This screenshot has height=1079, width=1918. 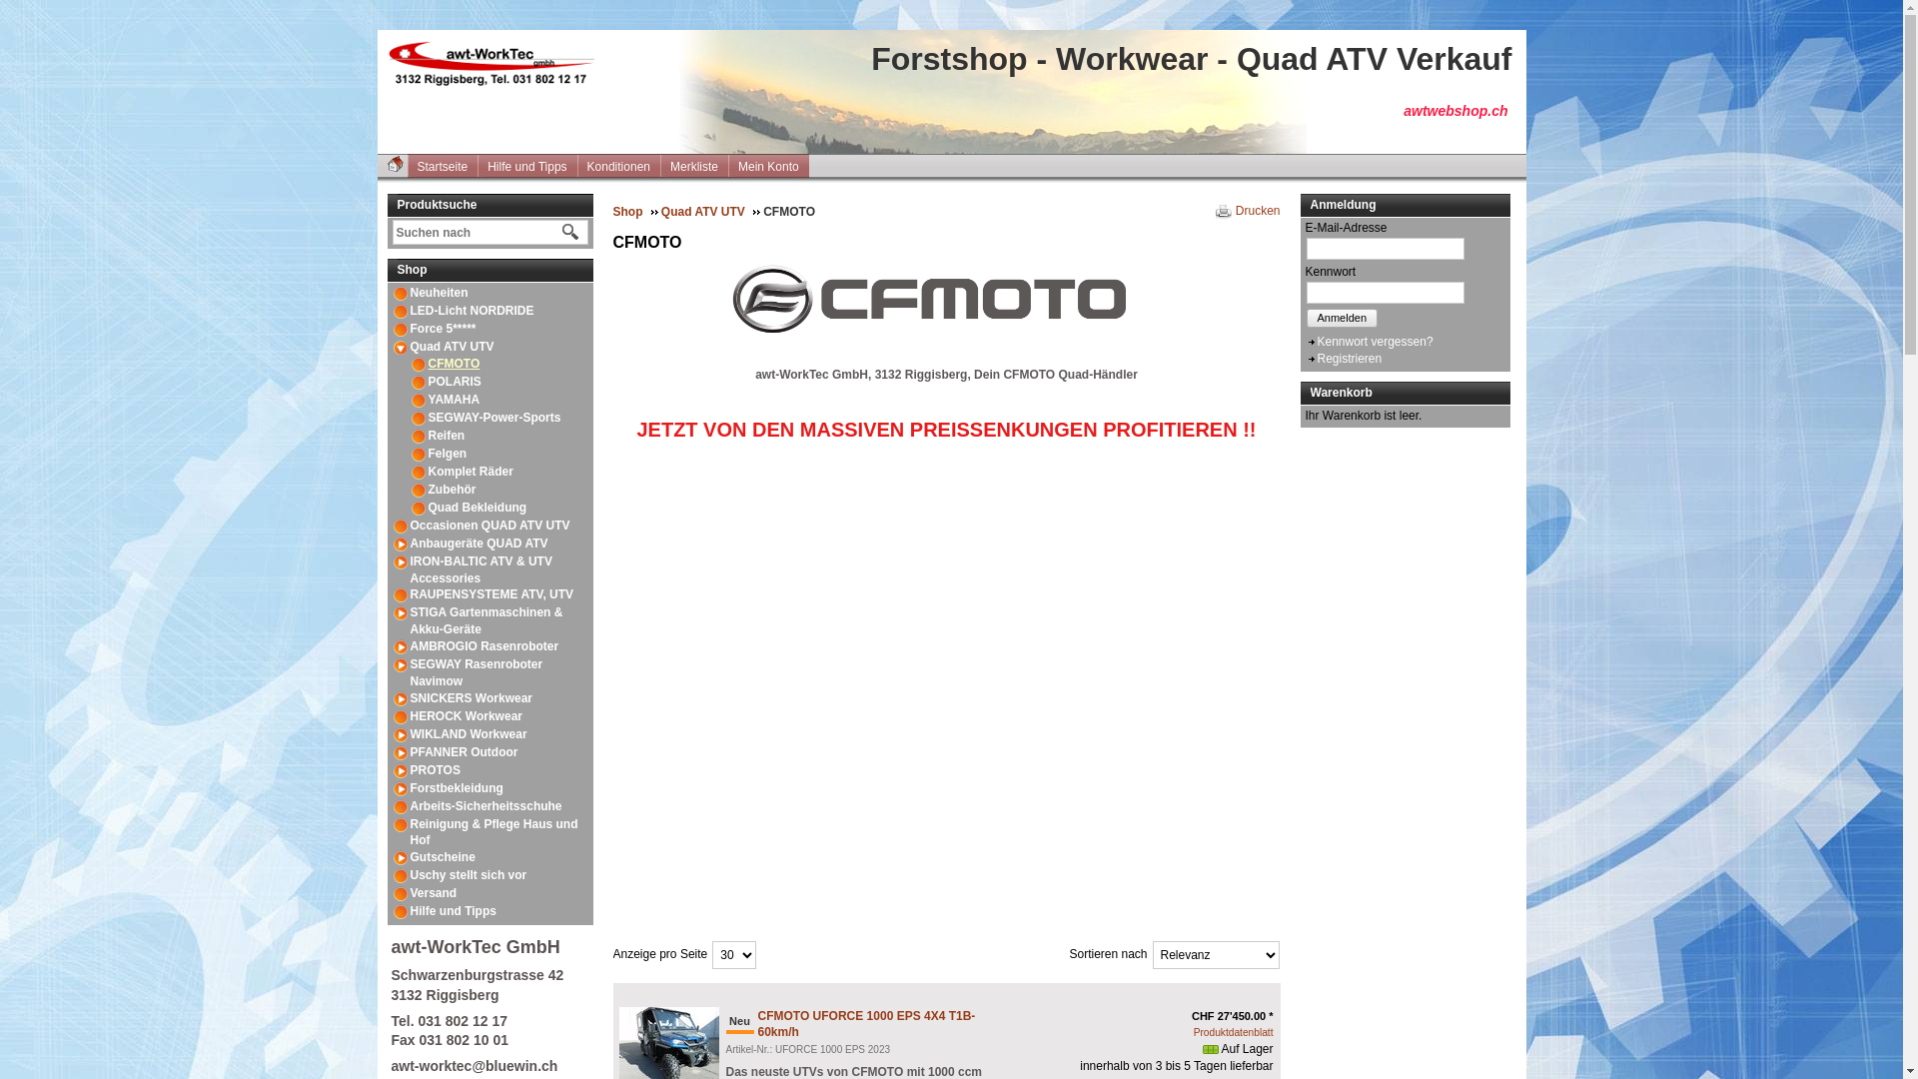 What do you see at coordinates (468, 873) in the screenshot?
I see `'Uschy stellt sich vor'` at bounding box center [468, 873].